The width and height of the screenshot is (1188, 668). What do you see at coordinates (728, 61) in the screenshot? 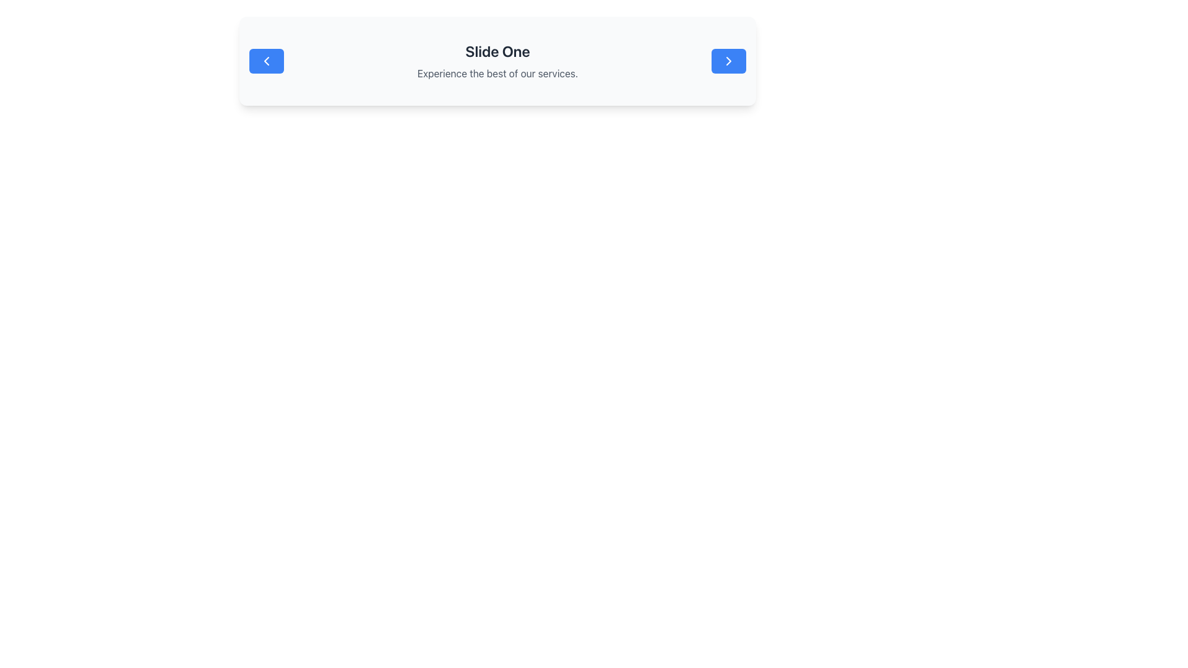
I see `the rightward chevron icon with a white design on a blue button, located at the far right of a horizontal layout` at bounding box center [728, 61].